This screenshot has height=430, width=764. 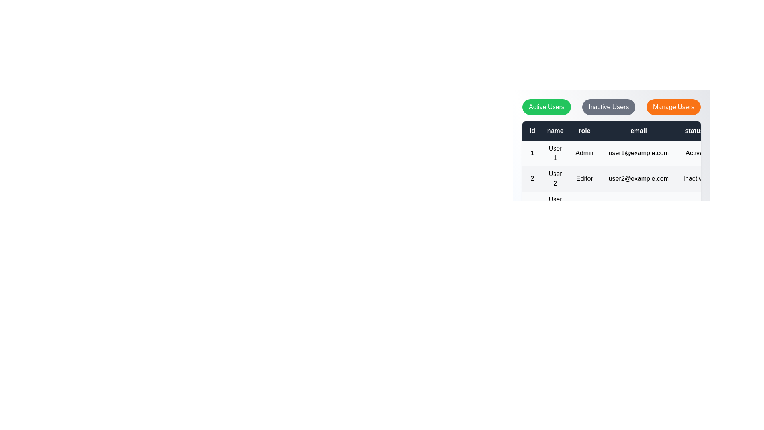 I want to click on the 'Manage Users' button to navigate to user management, so click(x=673, y=107).